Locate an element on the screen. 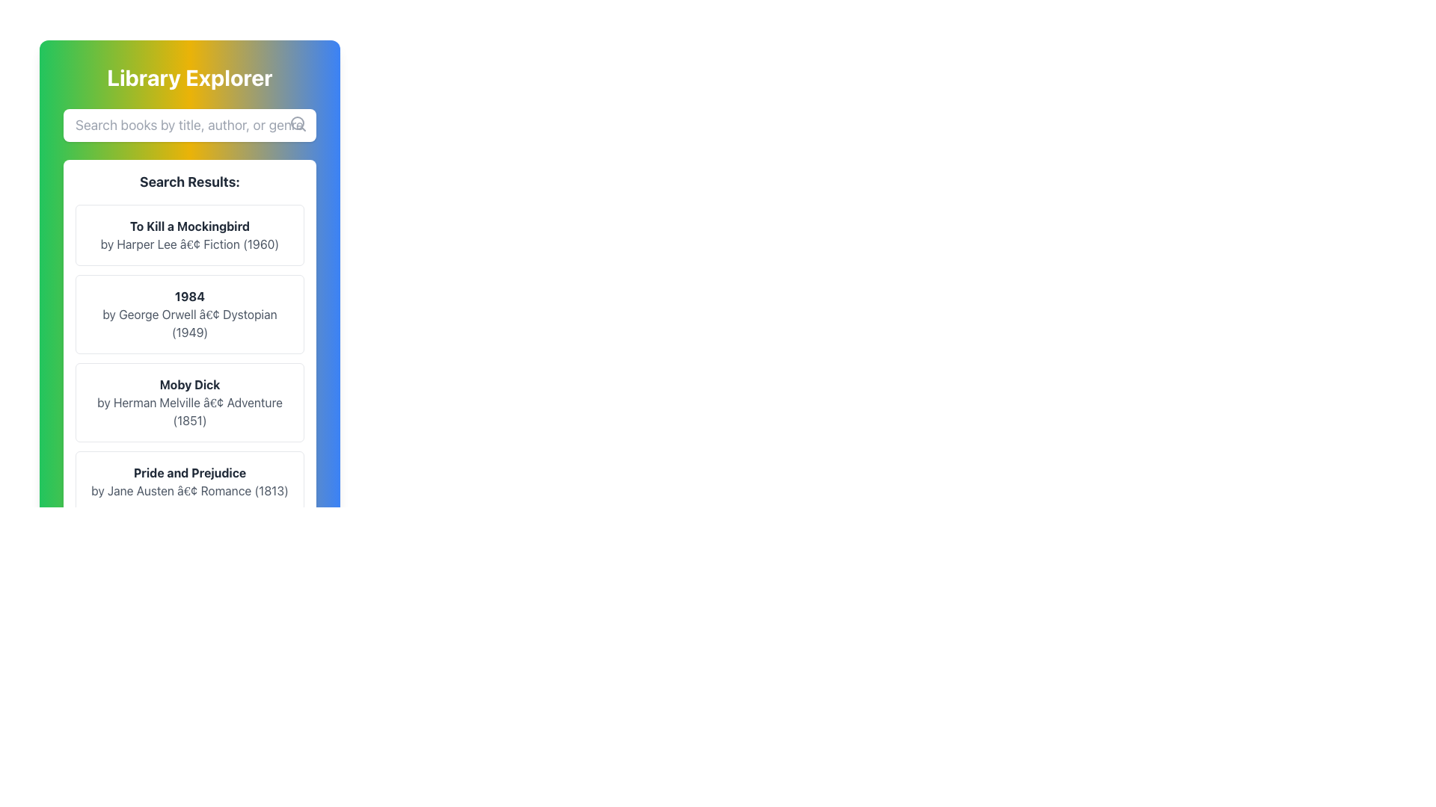 This screenshot has height=807, width=1436. the search icon located on the far right of the search bar, which indicates the search functionality for the input field labeled 'Search books by title, author, or genre...' is located at coordinates (298, 123).